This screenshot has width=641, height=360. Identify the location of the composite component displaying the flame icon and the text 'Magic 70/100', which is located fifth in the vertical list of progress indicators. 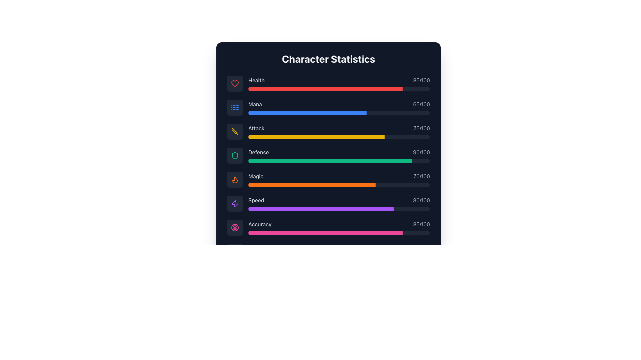
(328, 179).